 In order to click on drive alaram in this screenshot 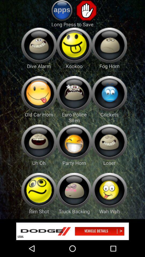, I will do `click(39, 45)`.